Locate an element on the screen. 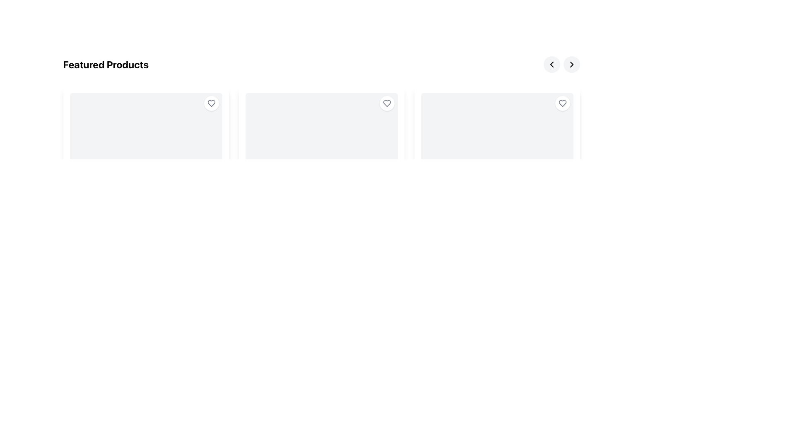 This screenshot has width=795, height=447. the favorite button icon located at the top-right corner of the product card is located at coordinates (211, 103).